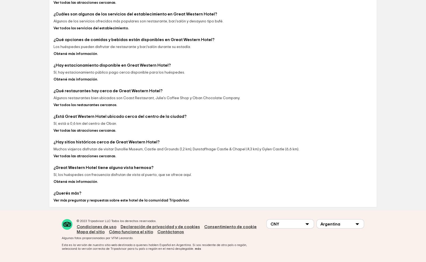 This screenshot has width=426, height=262. Describe the element at coordinates (53, 77) in the screenshot. I see `'¿Qué opciones de comidas y bebidas están disponibles en Great Western Hotel?'` at that location.